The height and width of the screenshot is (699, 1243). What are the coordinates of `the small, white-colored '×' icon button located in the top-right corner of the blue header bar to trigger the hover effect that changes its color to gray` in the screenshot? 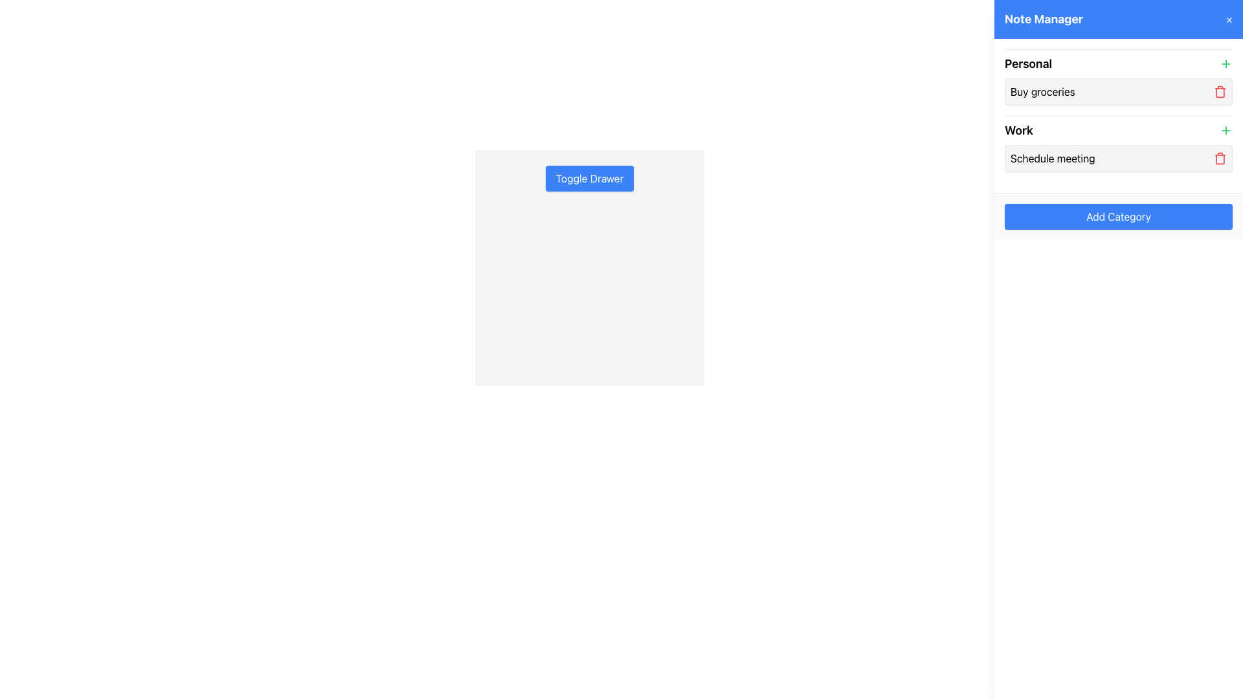 It's located at (1229, 19).